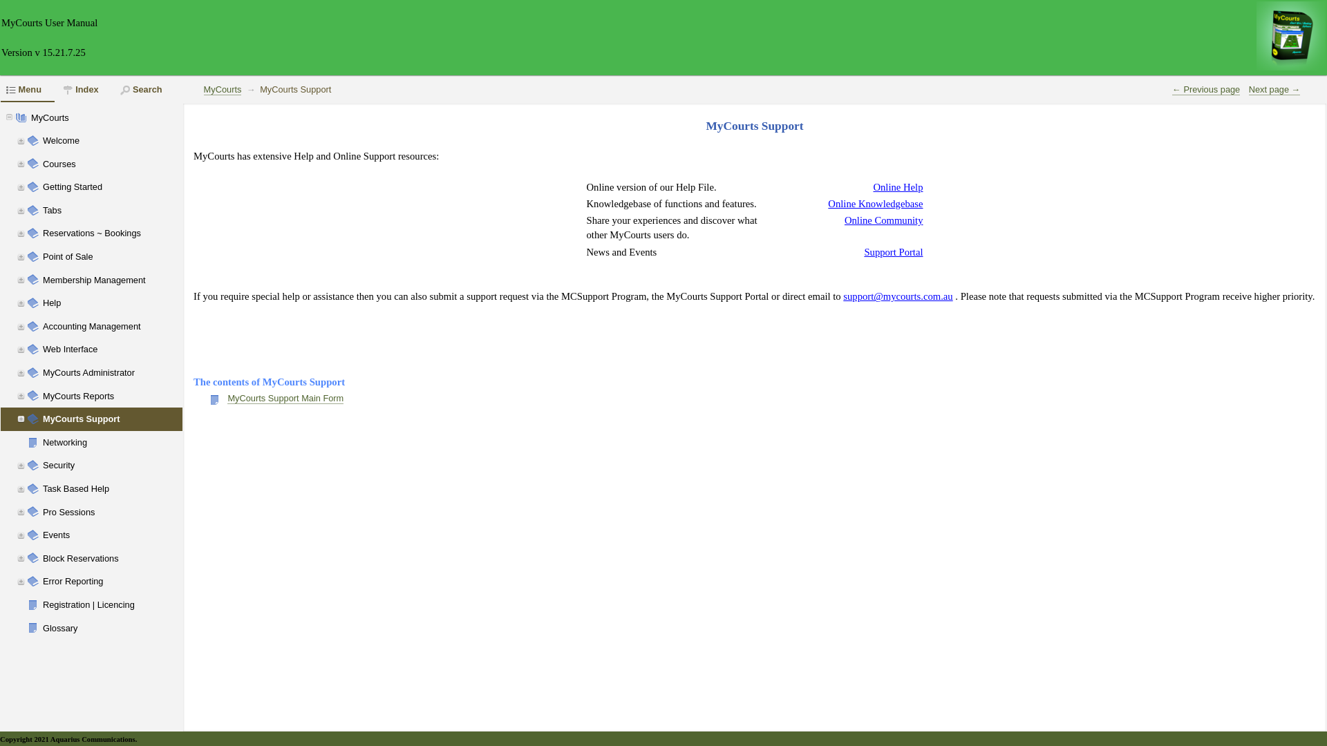  I want to click on 'Networking', so click(130, 442).